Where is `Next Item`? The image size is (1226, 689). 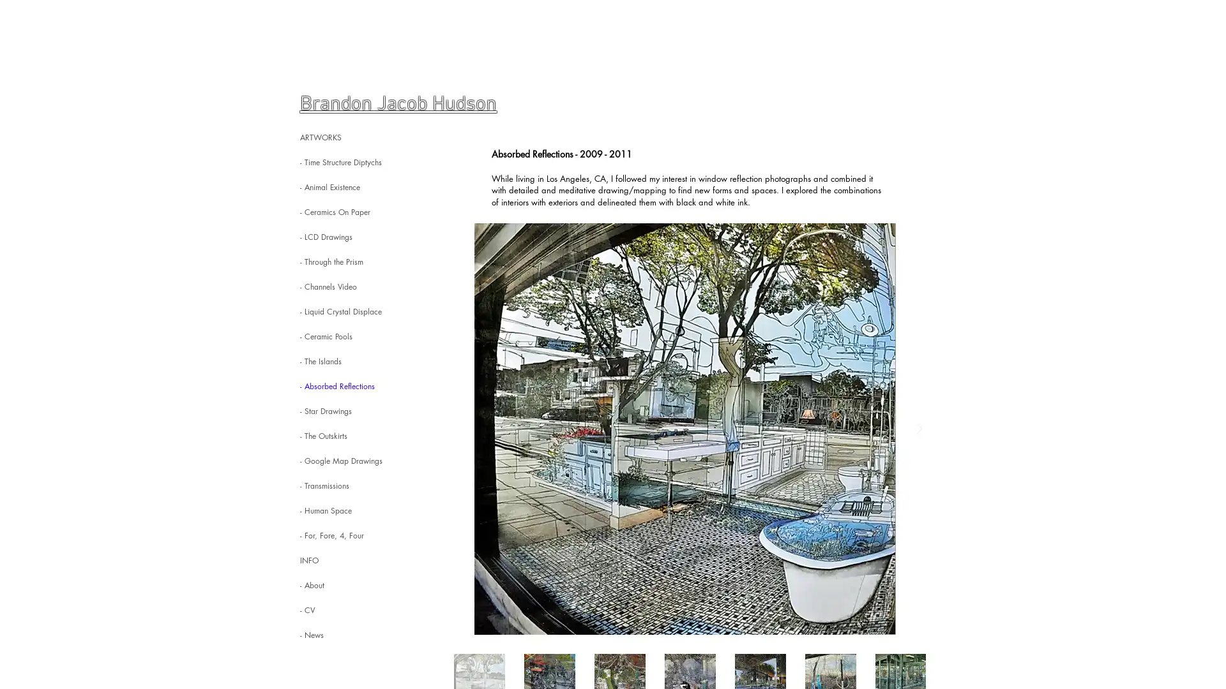
Next Item is located at coordinates (918, 429).